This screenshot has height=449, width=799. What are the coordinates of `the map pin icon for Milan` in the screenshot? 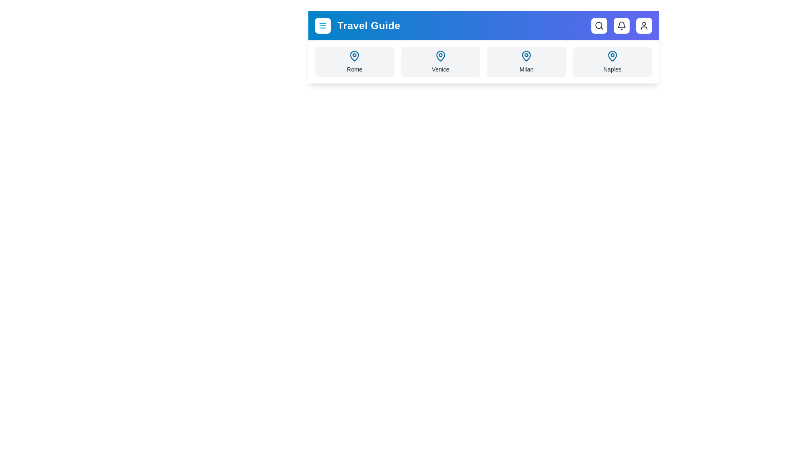 It's located at (526, 56).